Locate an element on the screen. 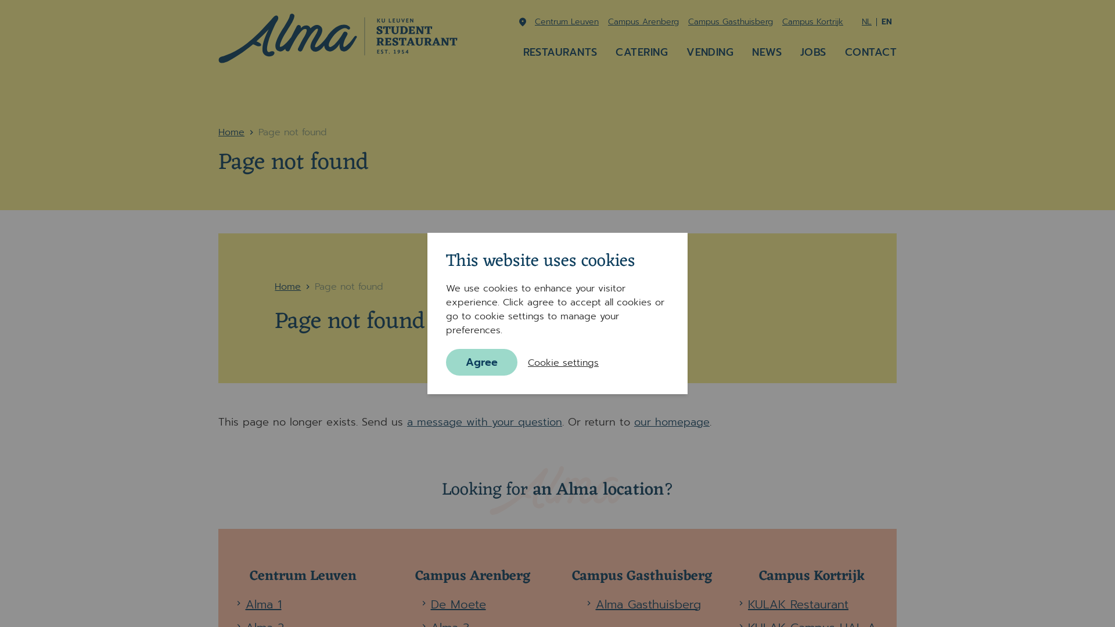 Image resolution: width=1115 pixels, height=627 pixels. 'NEWS' is located at coordinates (767, 51).